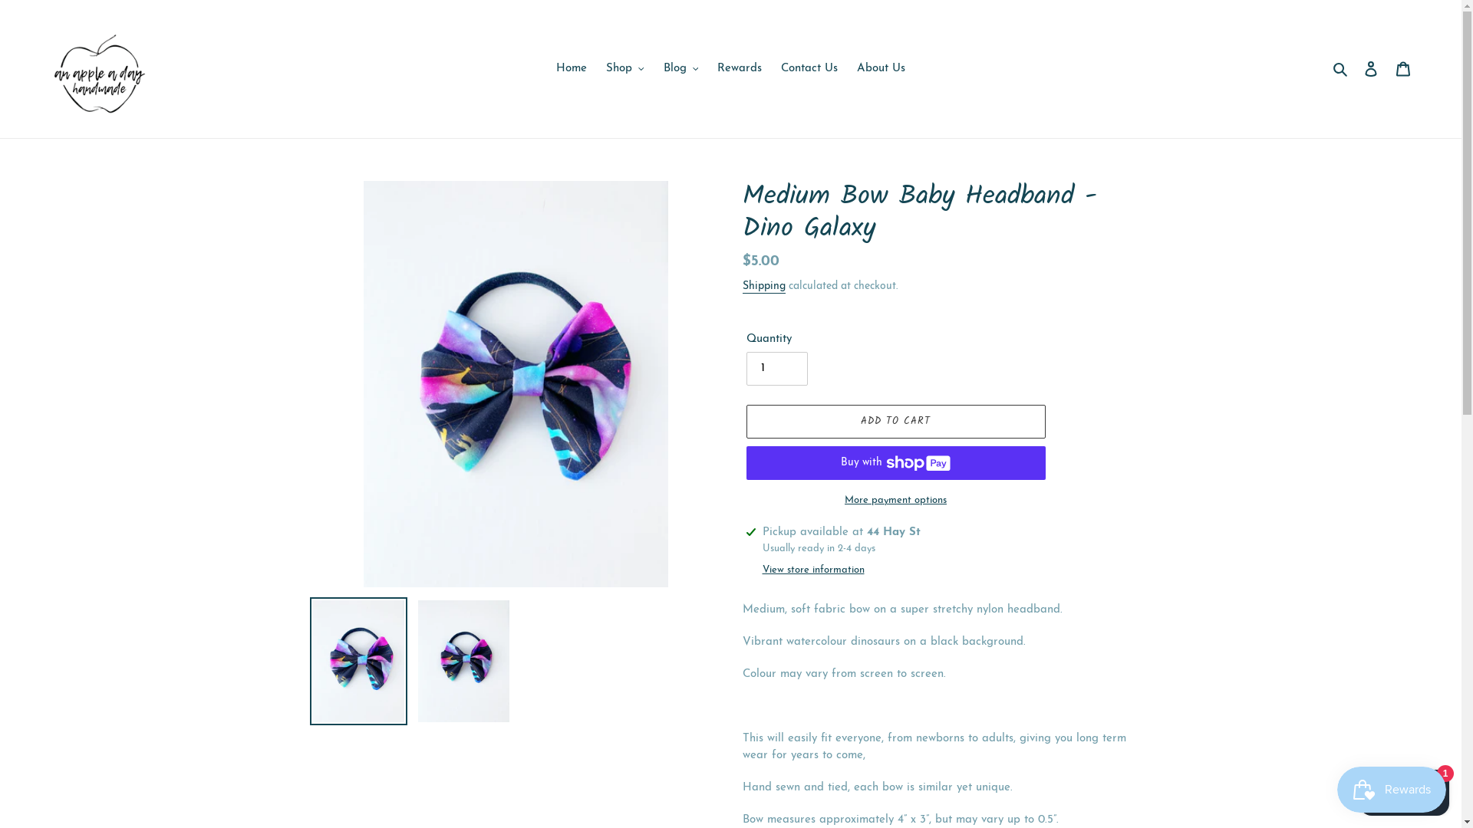 Image resolution: width=1473 pixels, height=828 pixels. I want to click on 'Shopify online store chat', so click(1404, 789).